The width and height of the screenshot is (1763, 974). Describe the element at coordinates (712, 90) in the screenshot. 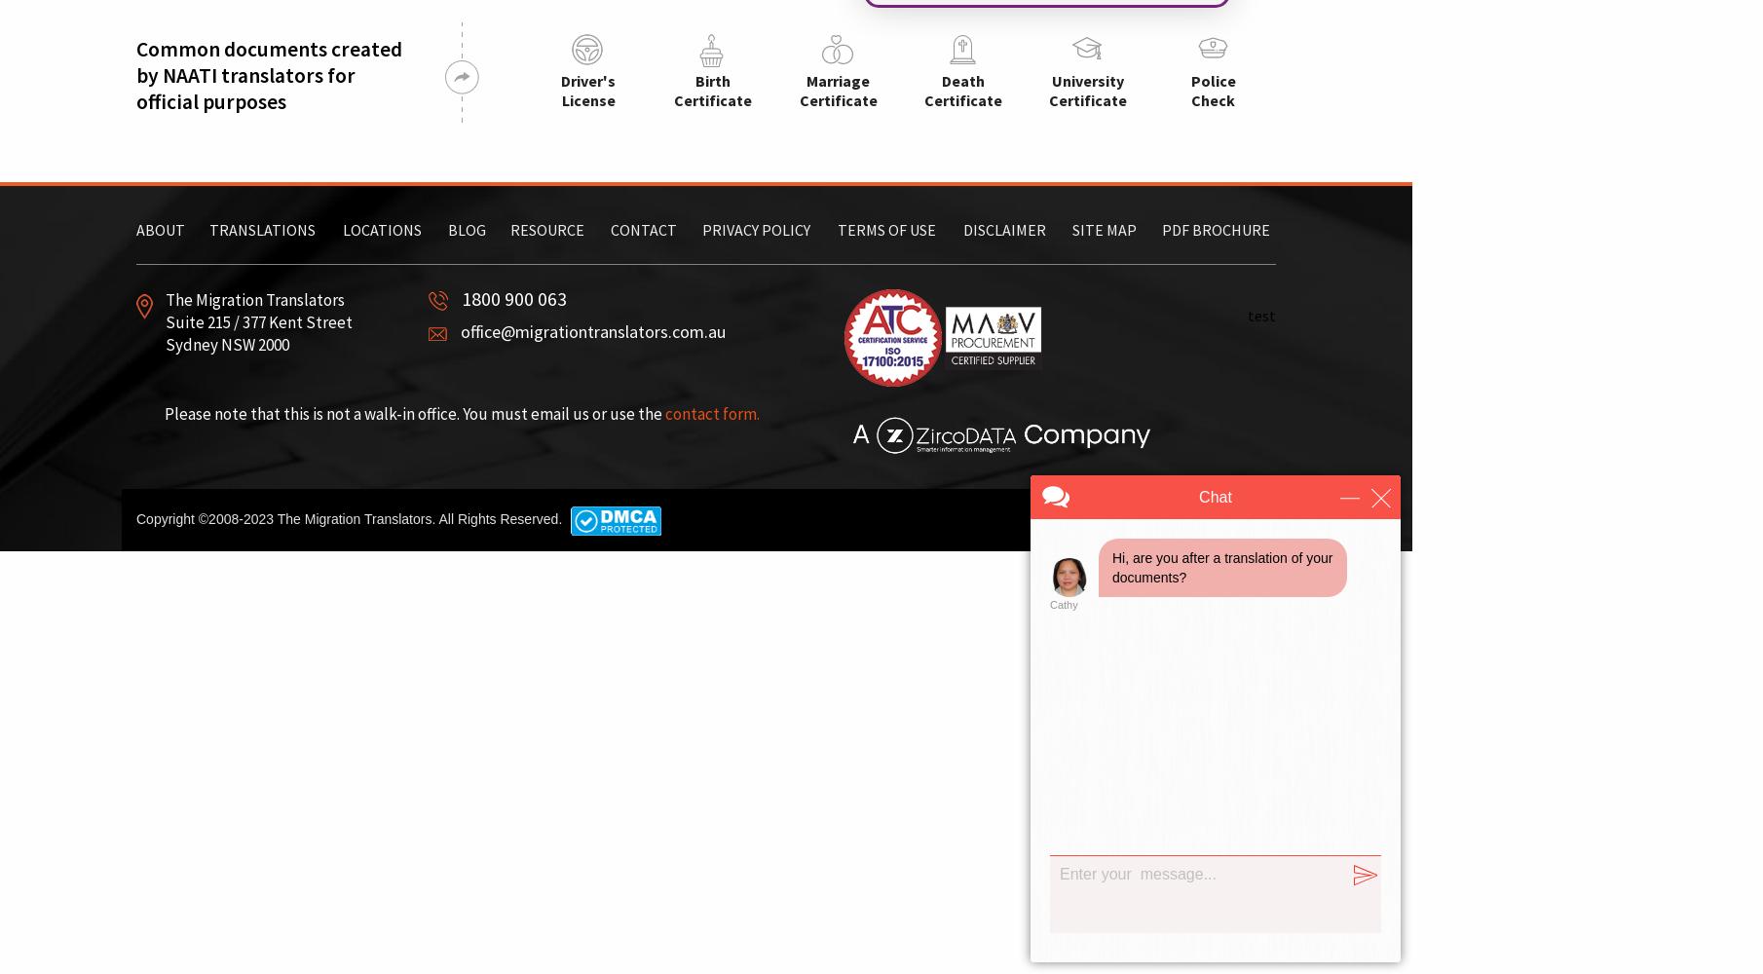

I see `'Birth Certificate'` at that location.